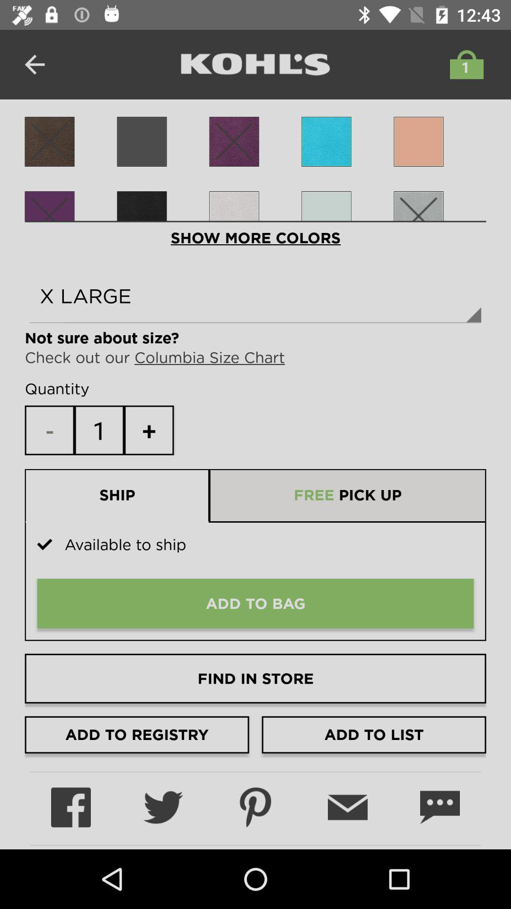 The height and width of the screenshot is (909, 511). I want to click on the facebook icon, so click(70, 807).